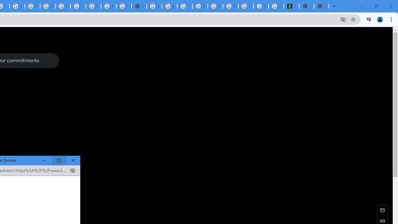  I want to click on 'Google Cloud Platform', so click(63, 6).